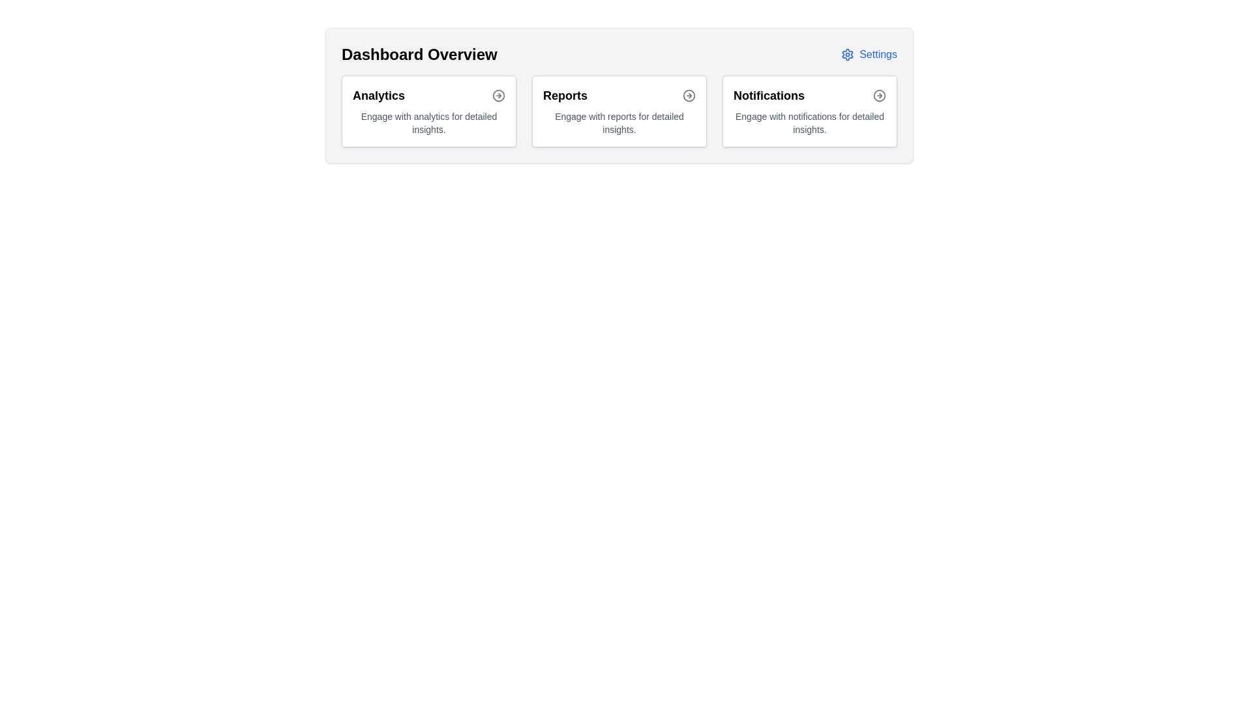 The image size is (1252, 704). What do you see at coordinates (619, 110) in the screenshot?
I see `the second informational card in the grid` at bounding box center [619, 110].